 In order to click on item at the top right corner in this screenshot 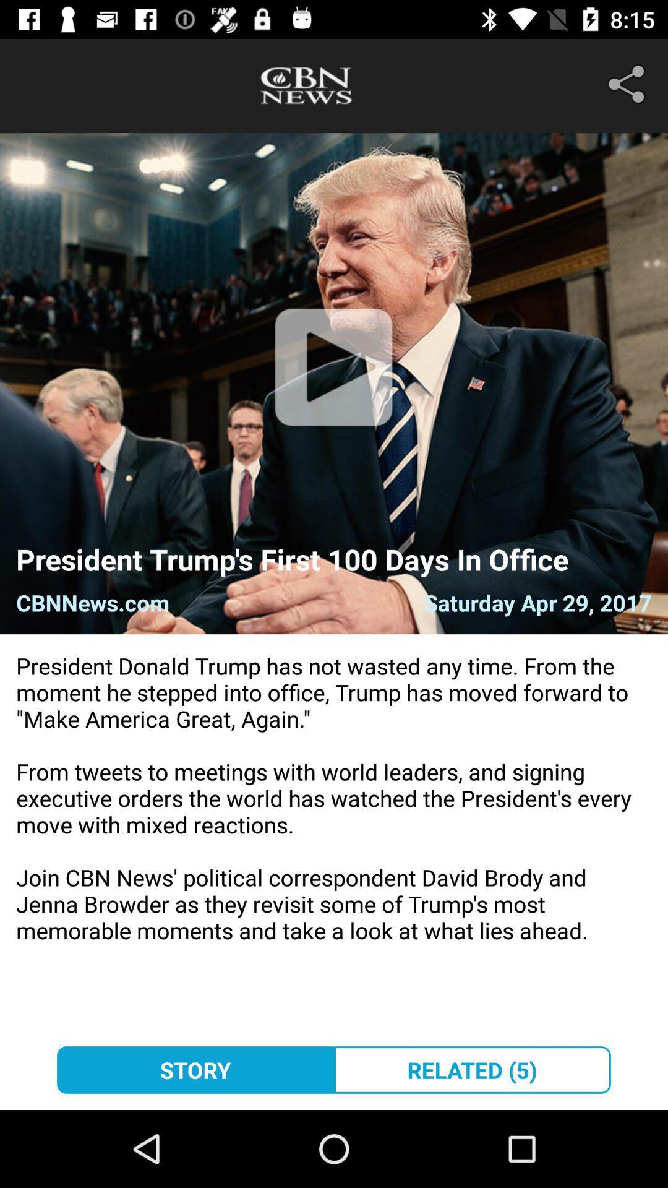, I will do `click(629, 84)`.